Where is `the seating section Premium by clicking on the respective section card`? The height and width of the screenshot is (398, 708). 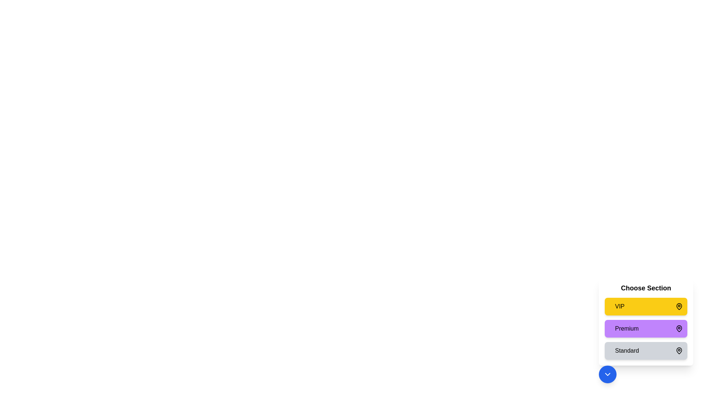 the seating section Premium by clicking on the respective section card is located at coordinates (646, 328).